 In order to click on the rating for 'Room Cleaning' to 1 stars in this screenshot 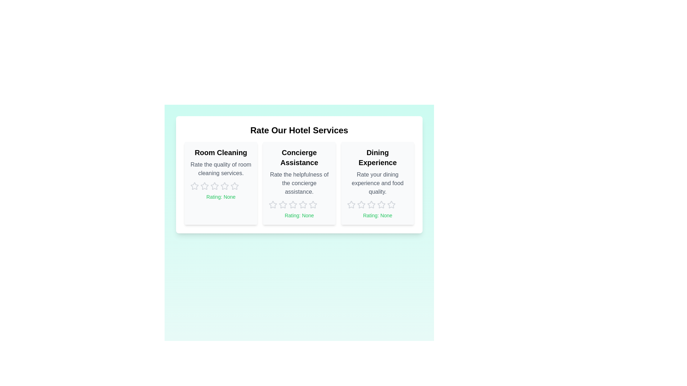, I will do `click(194, 185)`.